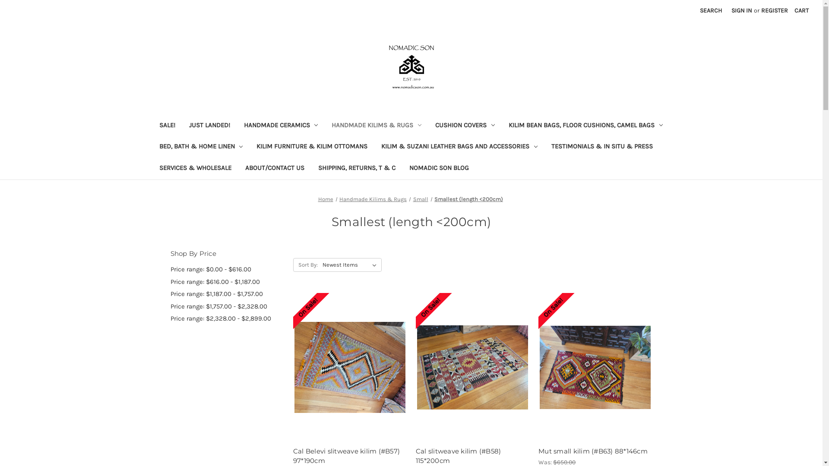 This screenshot has height=466, width=829. What do you see at coordinates (595, 451) in the screenshot?
I see `'Mut small kilim (#B63) 88*146cm'` at bounding box center [595, 451].